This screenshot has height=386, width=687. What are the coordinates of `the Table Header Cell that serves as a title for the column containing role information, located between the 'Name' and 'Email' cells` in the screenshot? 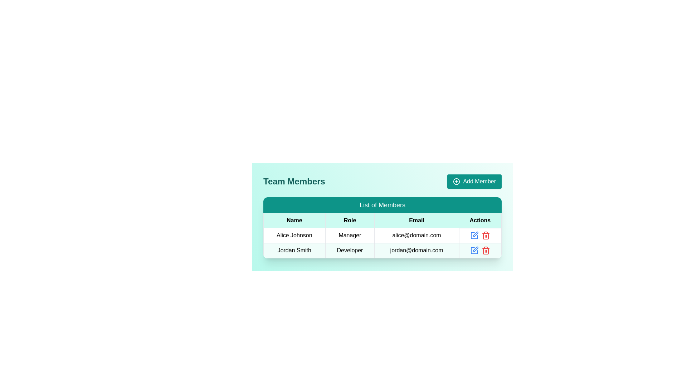 It's located at (350, 220).